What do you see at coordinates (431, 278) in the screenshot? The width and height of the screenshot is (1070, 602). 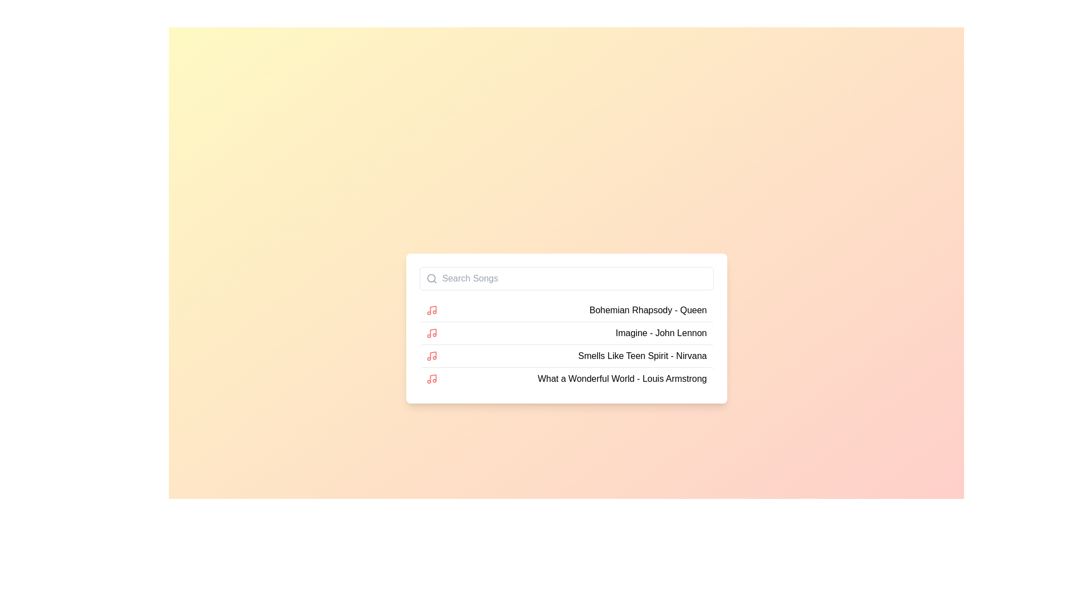 I see `the search icon located inside the 'Search Songs' text input field, which signifies the search functionality` at bounding box center [431, 278].